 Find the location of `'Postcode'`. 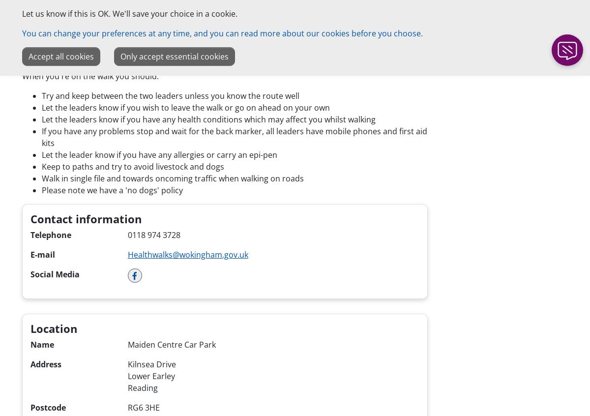

'Postcode' is located at coordinates (48, 407).